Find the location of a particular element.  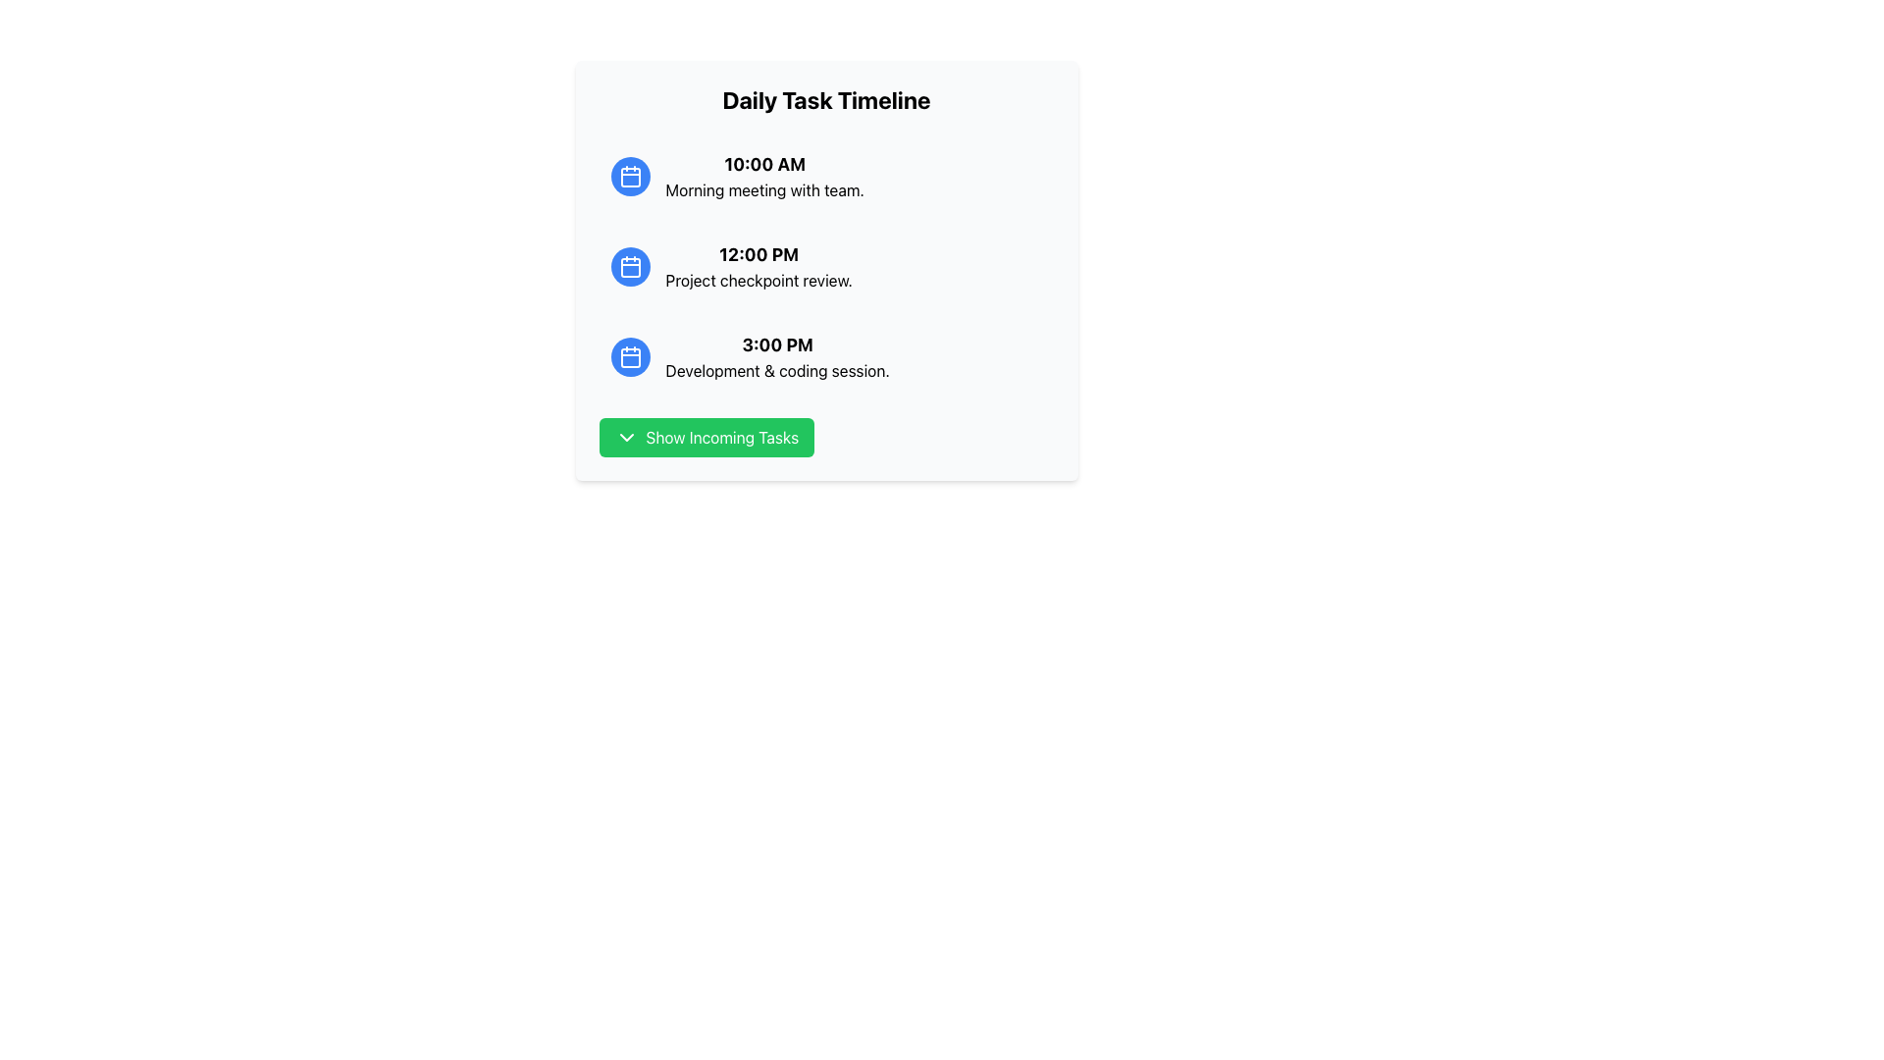

the static text element displaying 'Morning meeting with team.' which is positioned below the '10:00 AM' timestamp in the vertical timeline is located at coordinates (763, 189).